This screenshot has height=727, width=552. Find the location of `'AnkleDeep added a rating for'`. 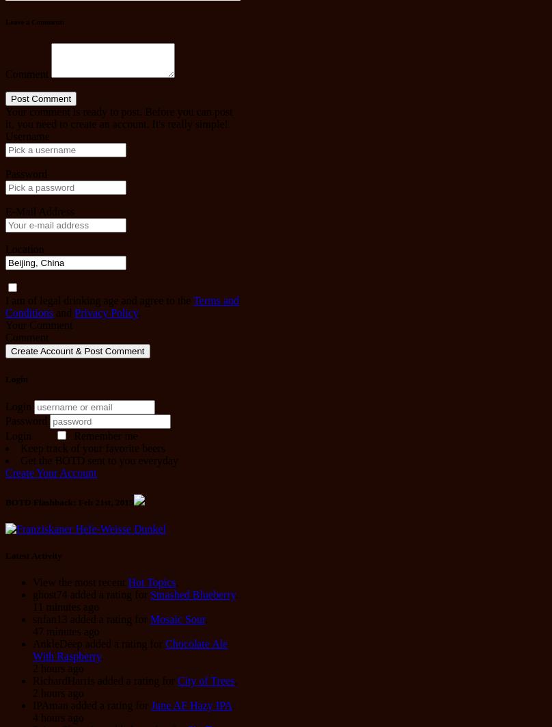

'AnkleDeep added a rating for' is located at coordinates (98, 643).